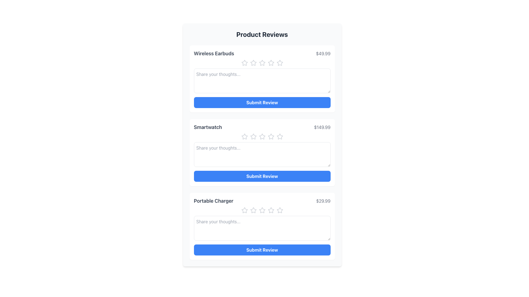 This screenshot has width=529, height=297. What do you see at coordinates (271, 136) in the screenshot?
I see `the third star icon in the rating system under the title 'Smartwatch'` at bounding box center [271, 136].